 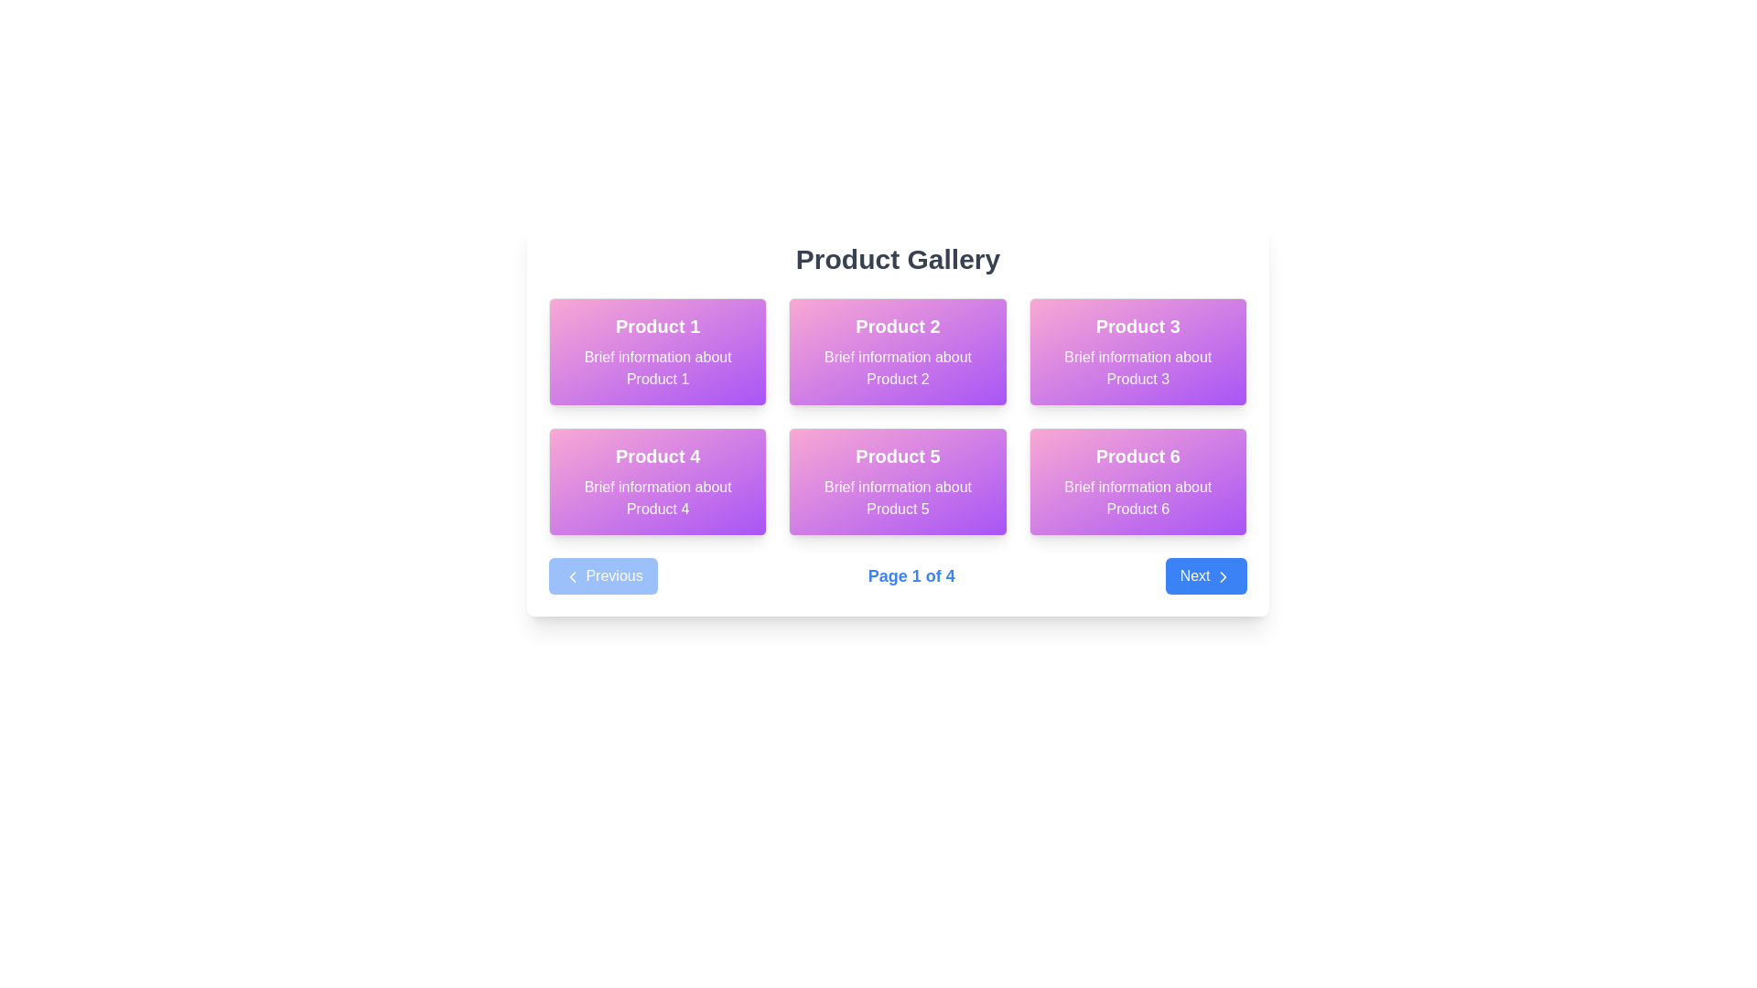 I want to click on the text element labeled 'Product 2' which is prominently displayed in a bold, large font on a gradient-colored rectangular card transitioning from pink to purple, located in the second column of the upper row of a 3x2 grid layout, so click(x=898, y=326).